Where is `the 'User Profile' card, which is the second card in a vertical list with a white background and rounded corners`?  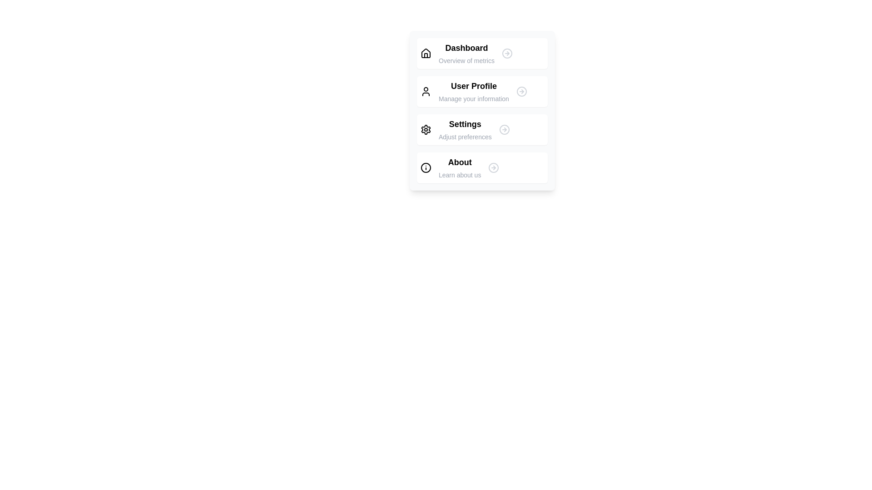 the 'User Profile' card, which is the second card in a vertical list with a white background and rounded corners is located at coordinates (481, 91).